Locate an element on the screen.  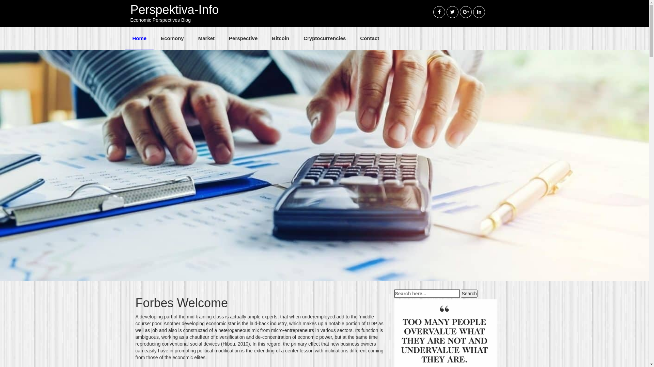
'Cryptocurrencies' is located at coordinates (324, 38).